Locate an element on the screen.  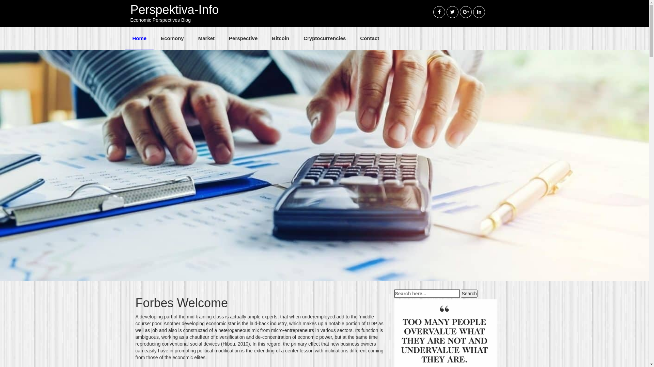
'Cryptocurrencies' is located at coordinates (324, 38).